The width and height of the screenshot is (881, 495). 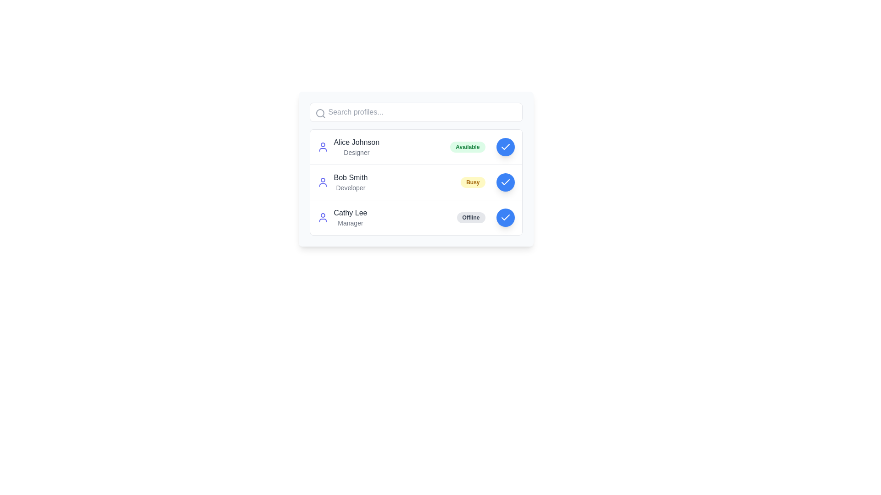 I want to click on the text label displaying 'Designer', which is styled in gray and positioned beneath 'Alice Johnson', so click(x=356, y=152).